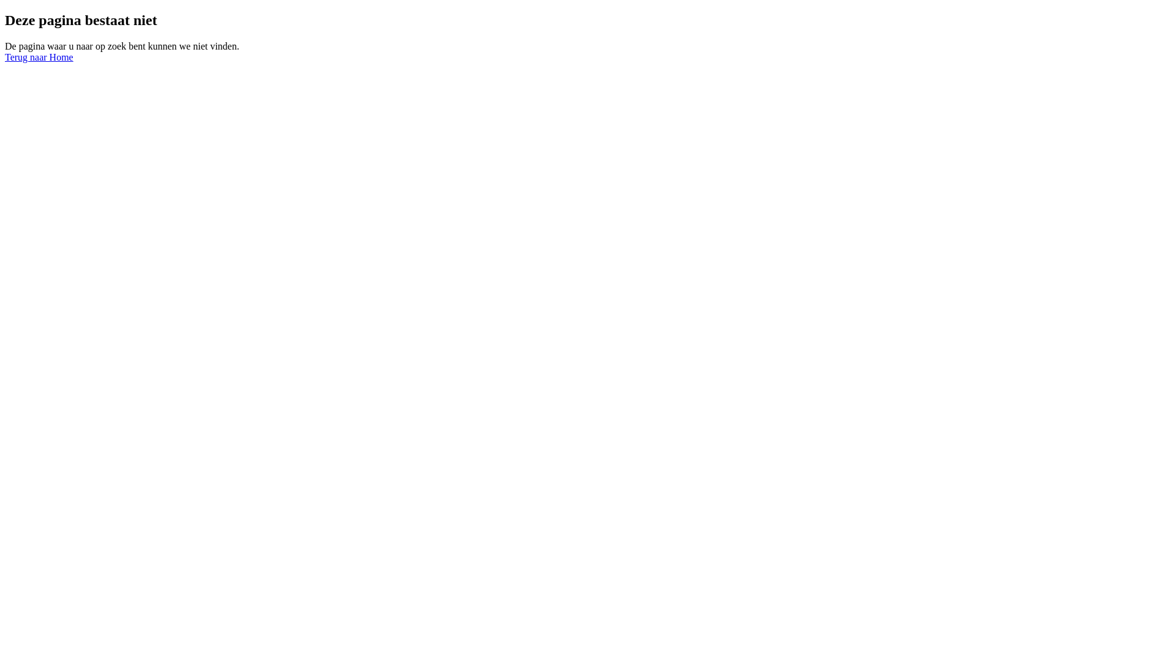 The image size is (1175, 661). Describe the element at coordinates (5, 57) in the screenshot. I see `'Terug naar Home'` at that location.